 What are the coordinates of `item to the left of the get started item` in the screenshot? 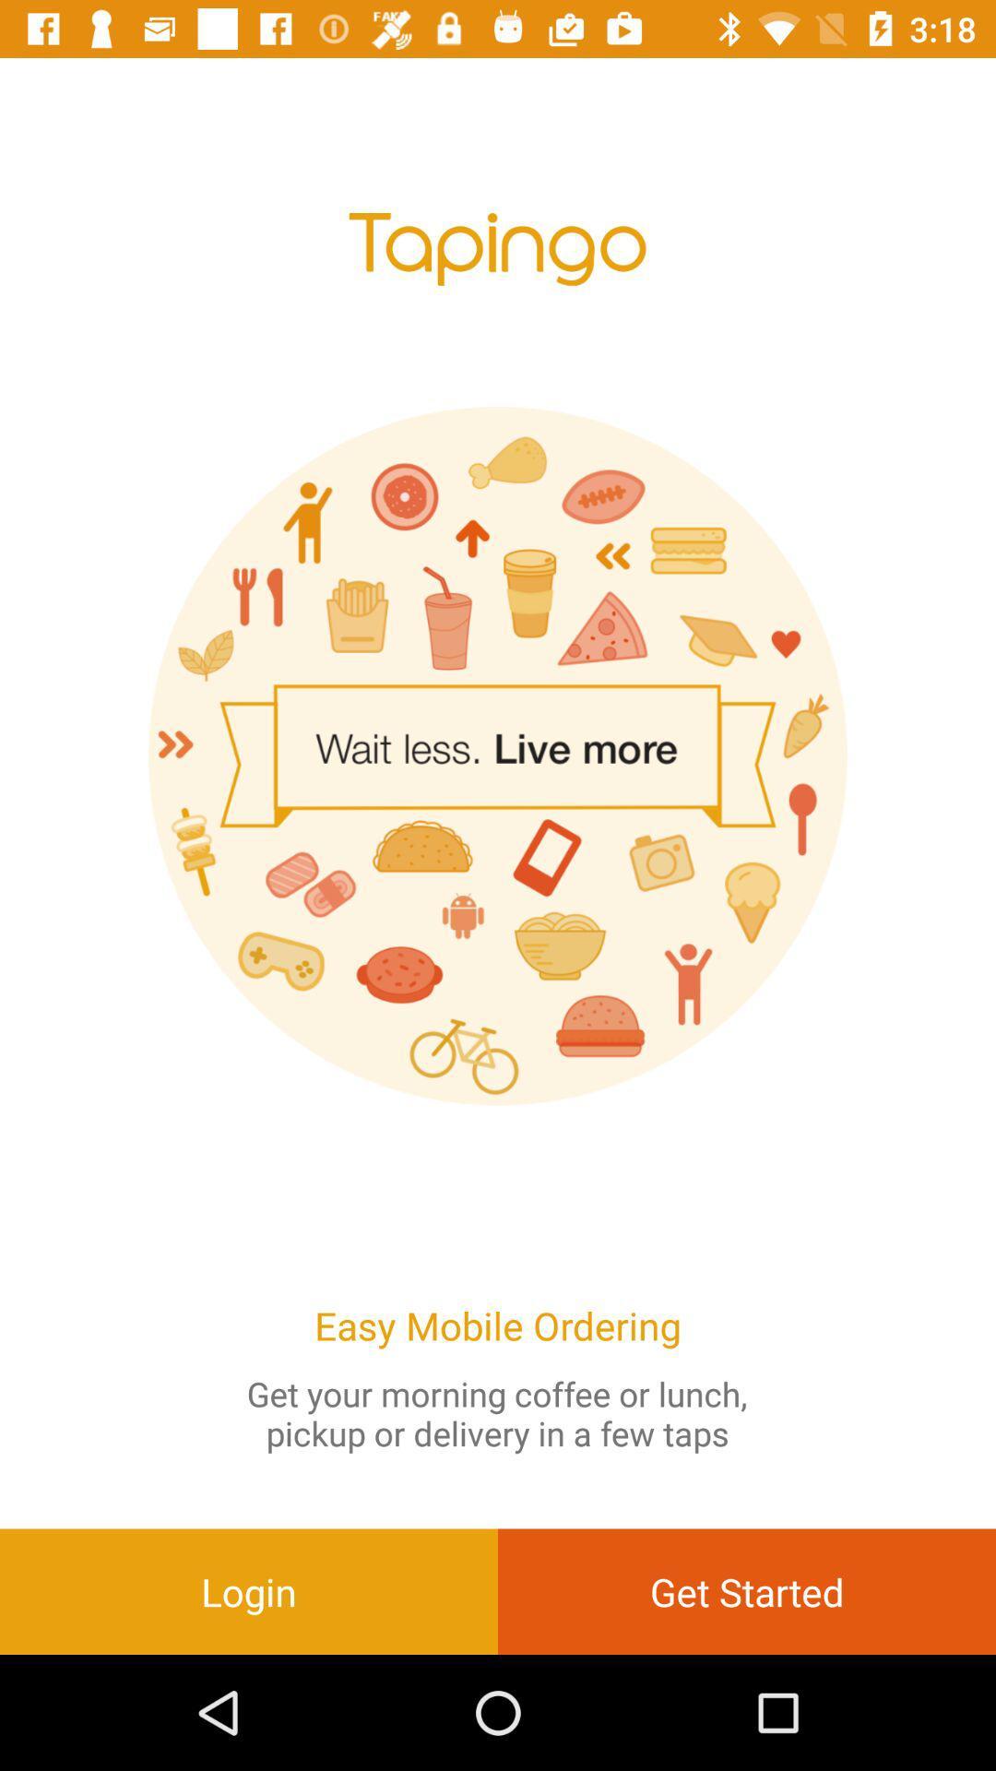 It's located at (249, 1590).